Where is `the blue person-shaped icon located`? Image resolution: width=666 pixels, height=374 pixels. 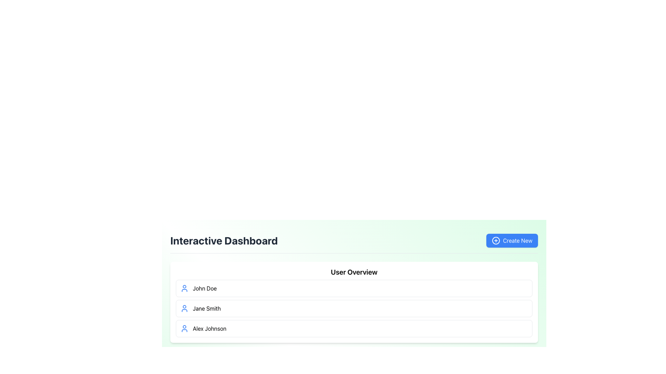 the blue person-shaped icon located is located at coordinates (185, 288).